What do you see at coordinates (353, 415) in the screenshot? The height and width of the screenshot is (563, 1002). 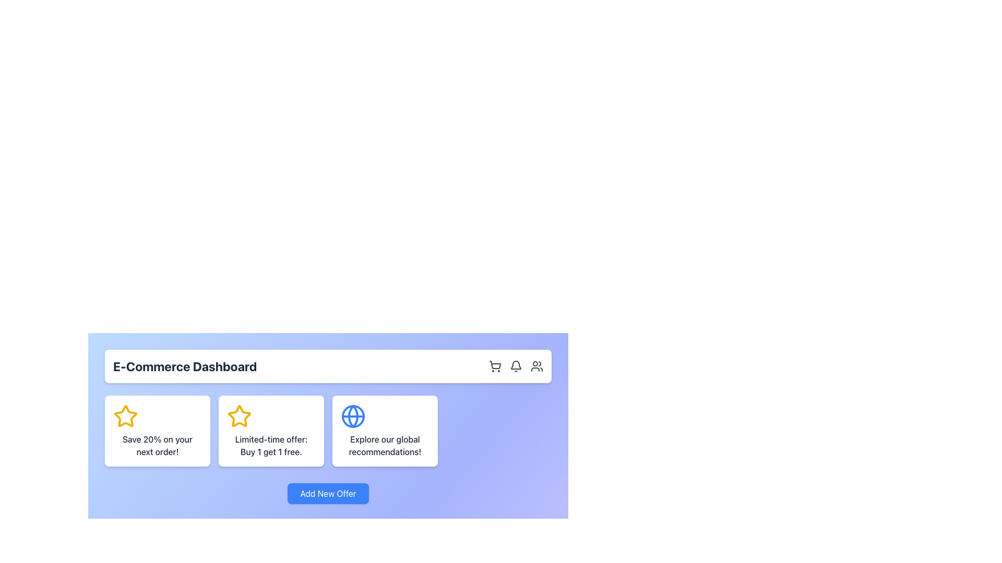 I see `the globe icon, which is styled in blue and located on the first recommendation card with a white background` at bounding box center [353, 415].